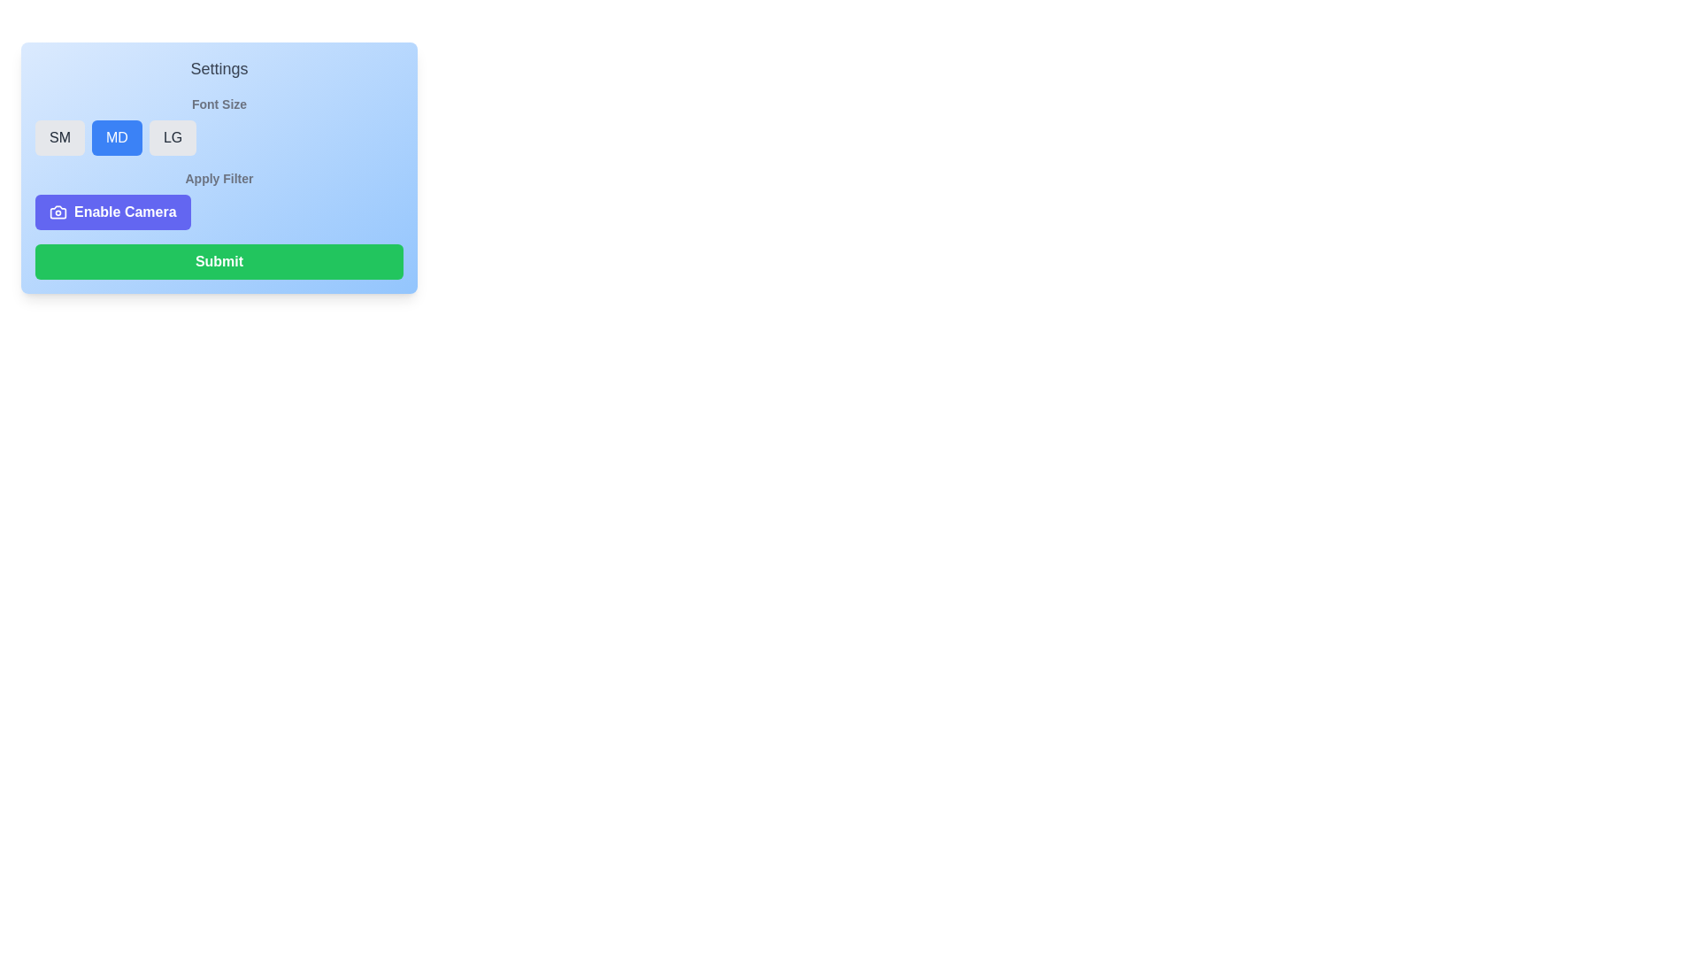 The width and height of the screenshot is (1699, 956). I want to click on the minimalistic blue outlined camera icon located inside the 'Enable Camera' button, positioned to the left of the text, so click(58, 211).